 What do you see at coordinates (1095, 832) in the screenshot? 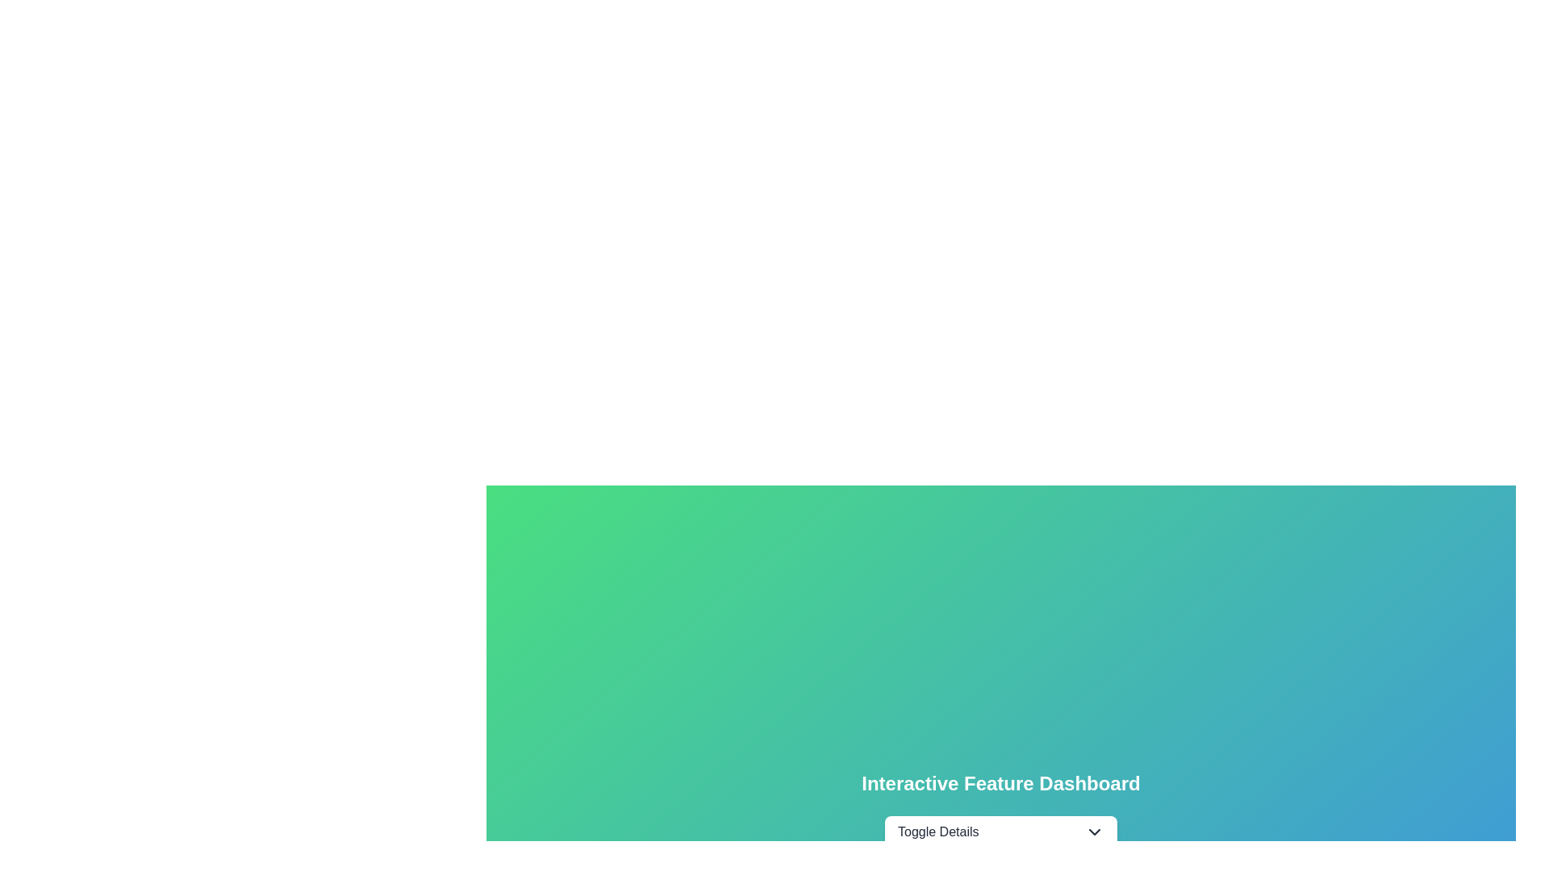
I see `the Chevron icon located on the right edge of the 'Toggle Details' button` at bounding box center [1095, 832].